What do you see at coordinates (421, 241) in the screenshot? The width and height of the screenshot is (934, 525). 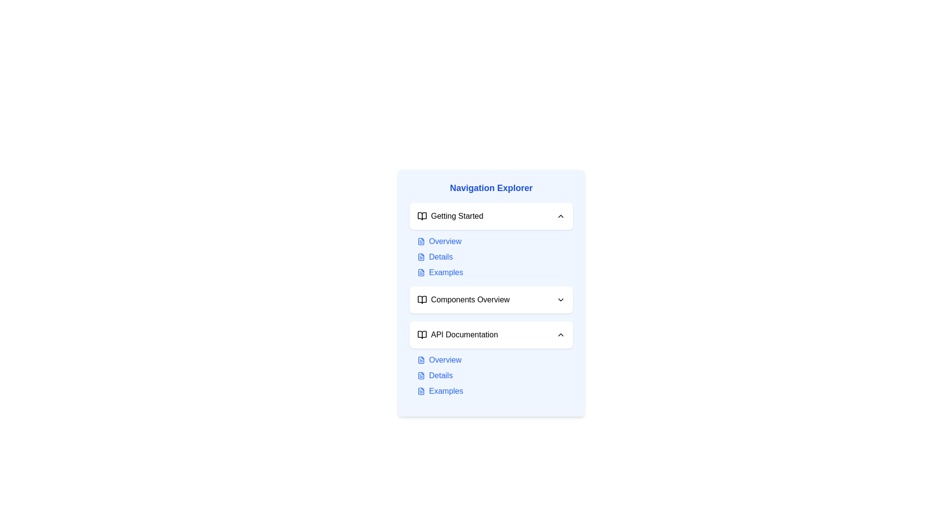 I see `the 'Overview' icon in the navigation menu, which is located under the 'Getting Started' section and is the first icon among its siblings` at bounding box center [421, 241].